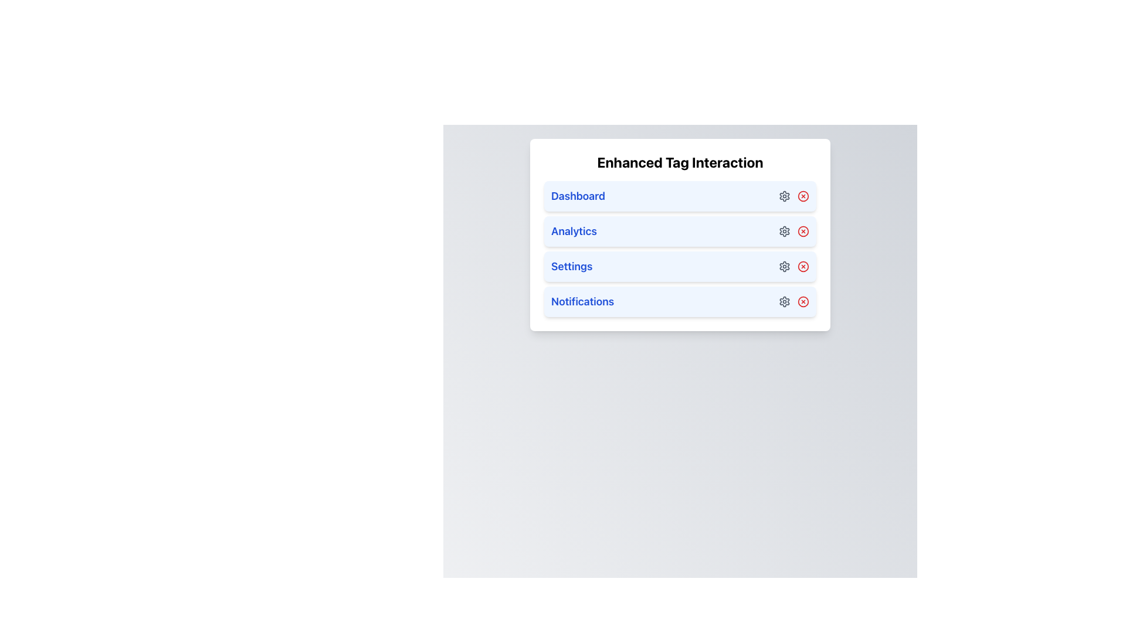 This screenshot has height=633, width=1126. What do you see at coordinates (802, 231) in the screenshot?
I see `the circular icon representing the 'Analytics' category` at bounding box center [802, 231].